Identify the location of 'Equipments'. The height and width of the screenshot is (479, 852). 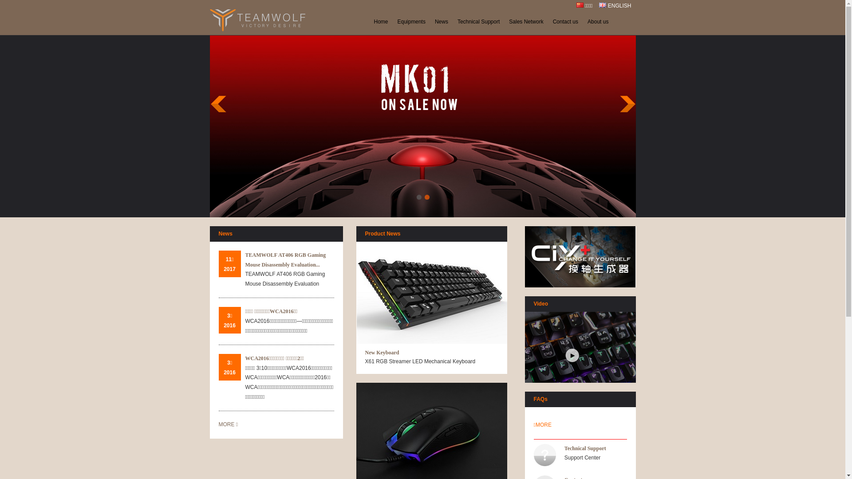
(411, 21).